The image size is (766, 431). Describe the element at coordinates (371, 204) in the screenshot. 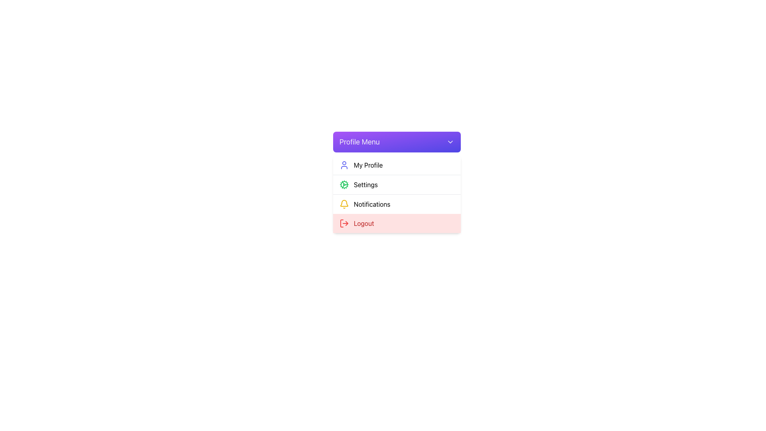

I see `the Text Label for notifications located in the dropdown menu under the 'Profile Menu' header, positioned next to the yellow bell icon` at that location.